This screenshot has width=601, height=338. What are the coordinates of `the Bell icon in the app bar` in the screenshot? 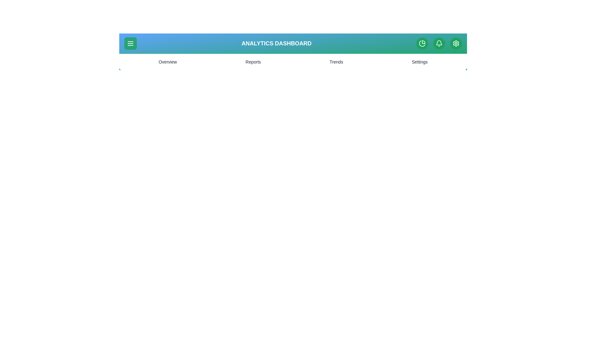 It's located at (439, 43).